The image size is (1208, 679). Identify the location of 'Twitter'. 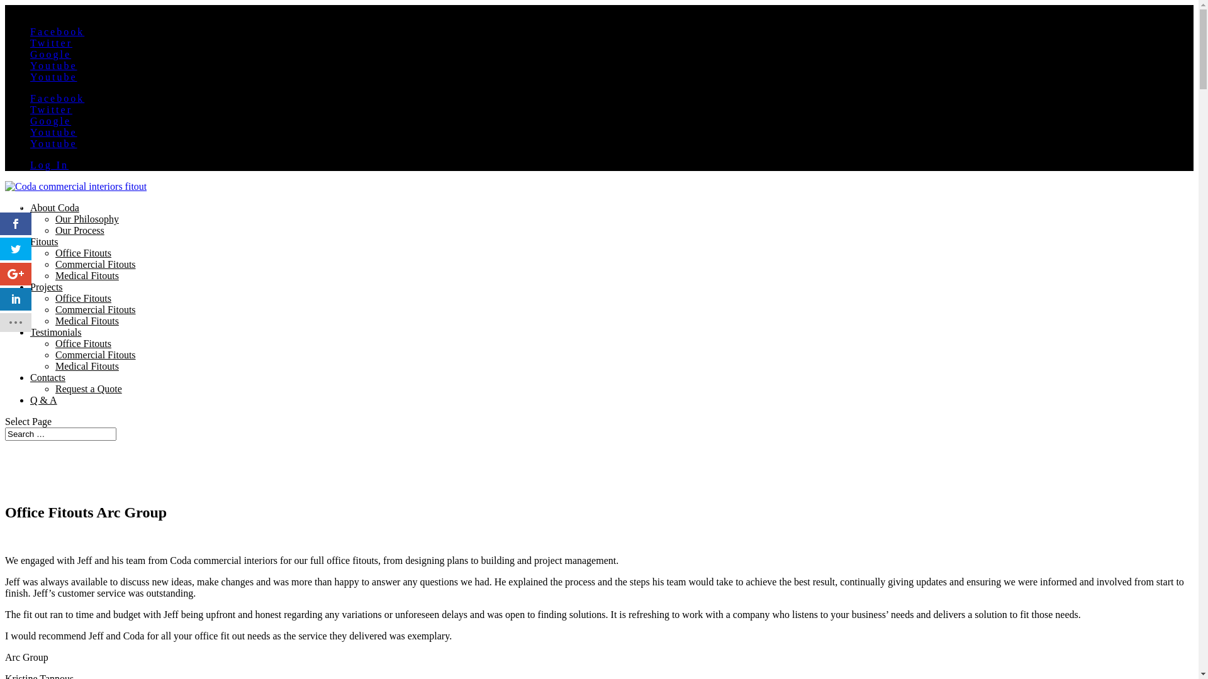
(50, 42).